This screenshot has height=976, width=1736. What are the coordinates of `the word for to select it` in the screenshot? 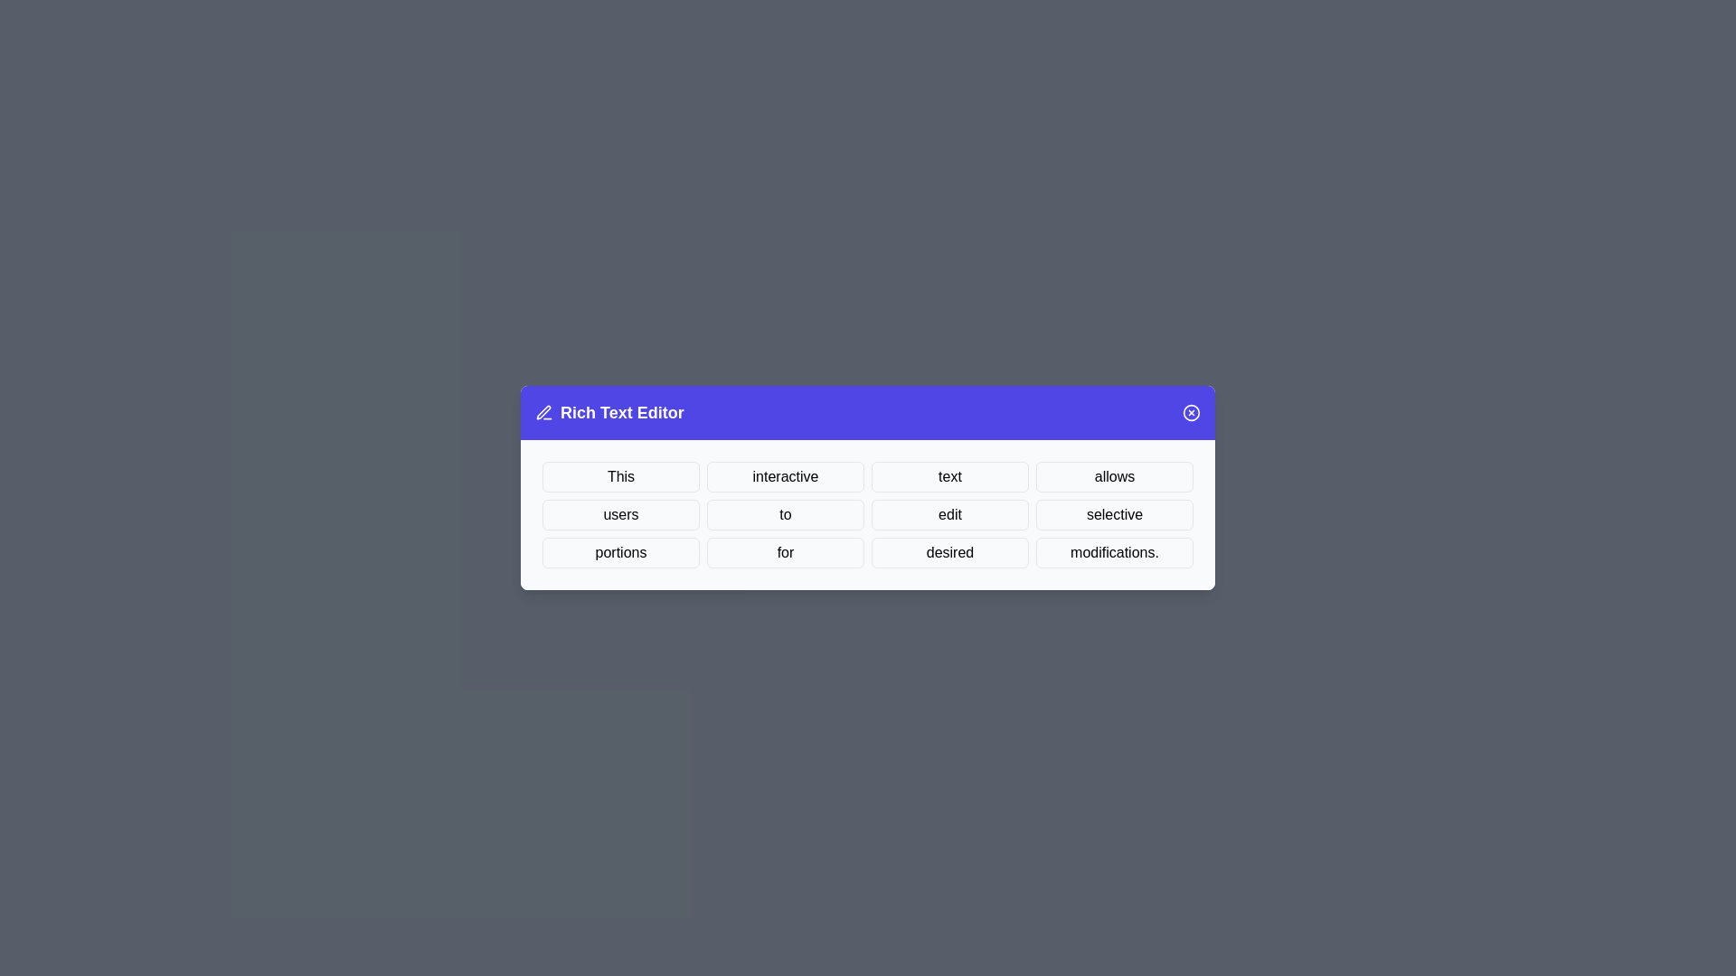 It's located at (785, 552).